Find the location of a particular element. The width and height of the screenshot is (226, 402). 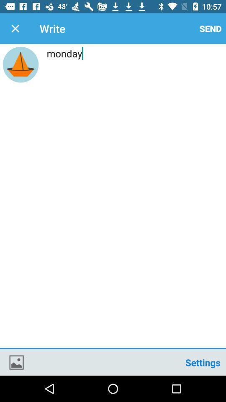

monday is located at coordinates (113, 197).